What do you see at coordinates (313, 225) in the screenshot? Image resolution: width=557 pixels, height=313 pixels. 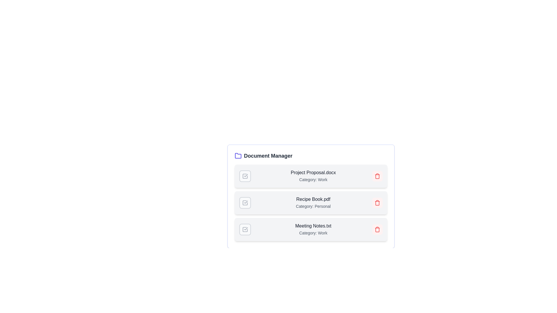 I see `the 'Meeting Notes.txt' text label, which is prominently displayed in bold dark gray font within the 'Document Manager' section and is in the third position of the list` at bounding box center [313, 225].